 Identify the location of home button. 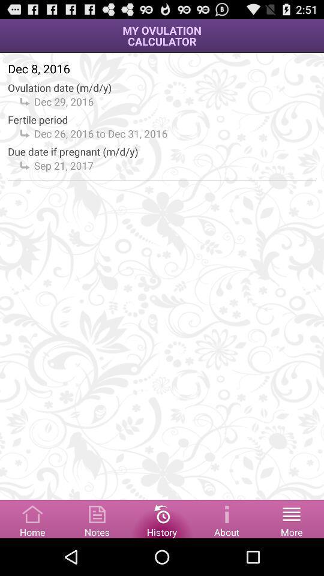
(32, 518).